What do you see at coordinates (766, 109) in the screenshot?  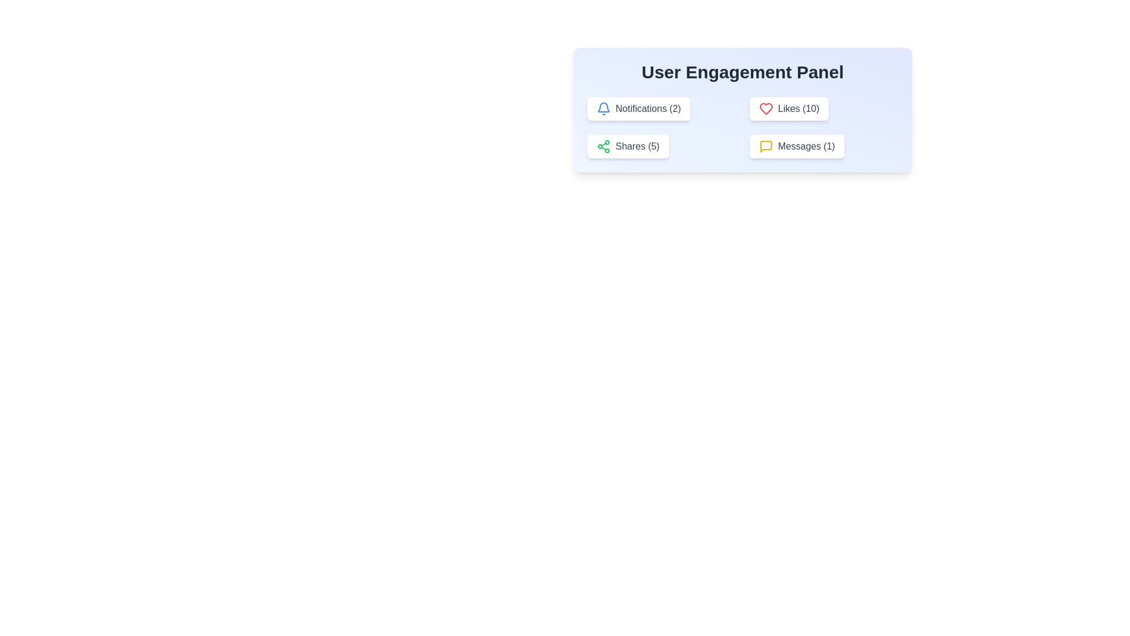 I see `the heart-shaped 'Likes' icon located in the upper-right-hand section of the User Engagement Panel, which indicates the 'Likes (10)' information` at bounding box center [766, 109].